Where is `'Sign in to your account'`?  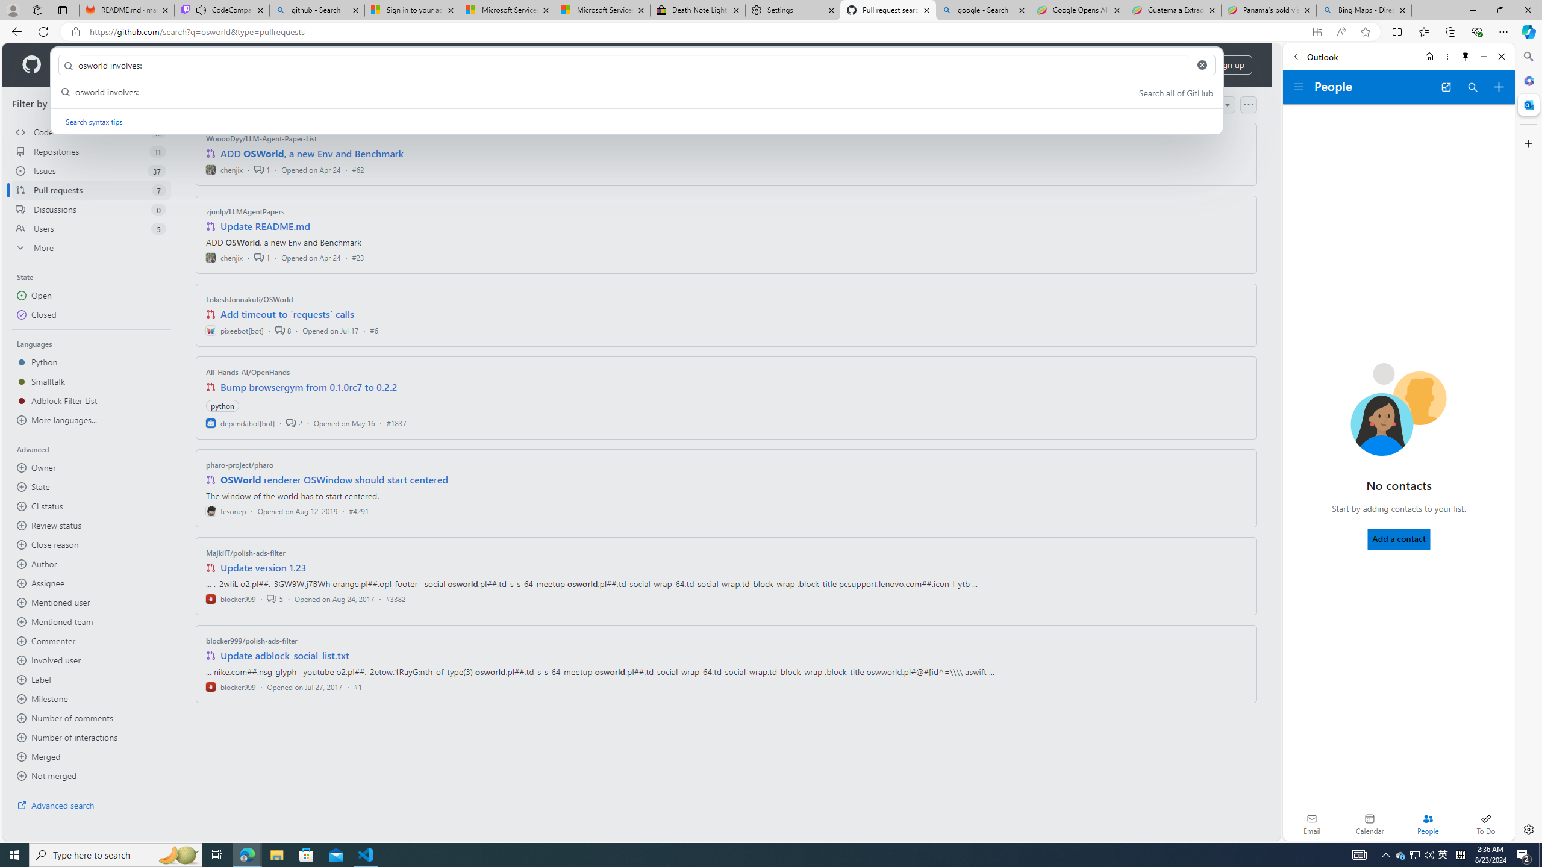
'Sign in to your account' is located at coordinates (412, 10).